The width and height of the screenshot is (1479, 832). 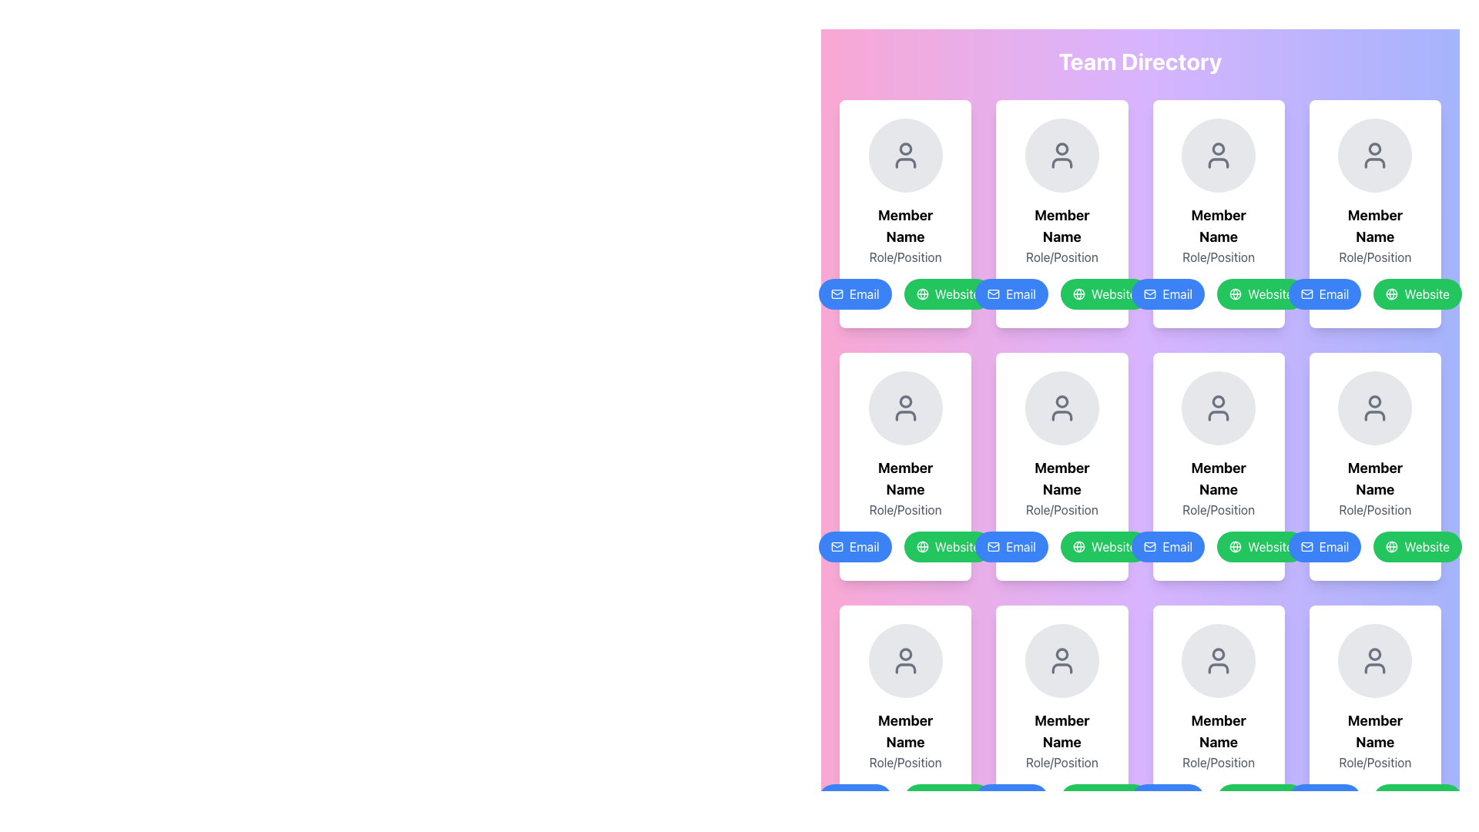 I want to click on the second button from the left in the last row of the button group associated with the member's card, so click(x=1218, y=294).